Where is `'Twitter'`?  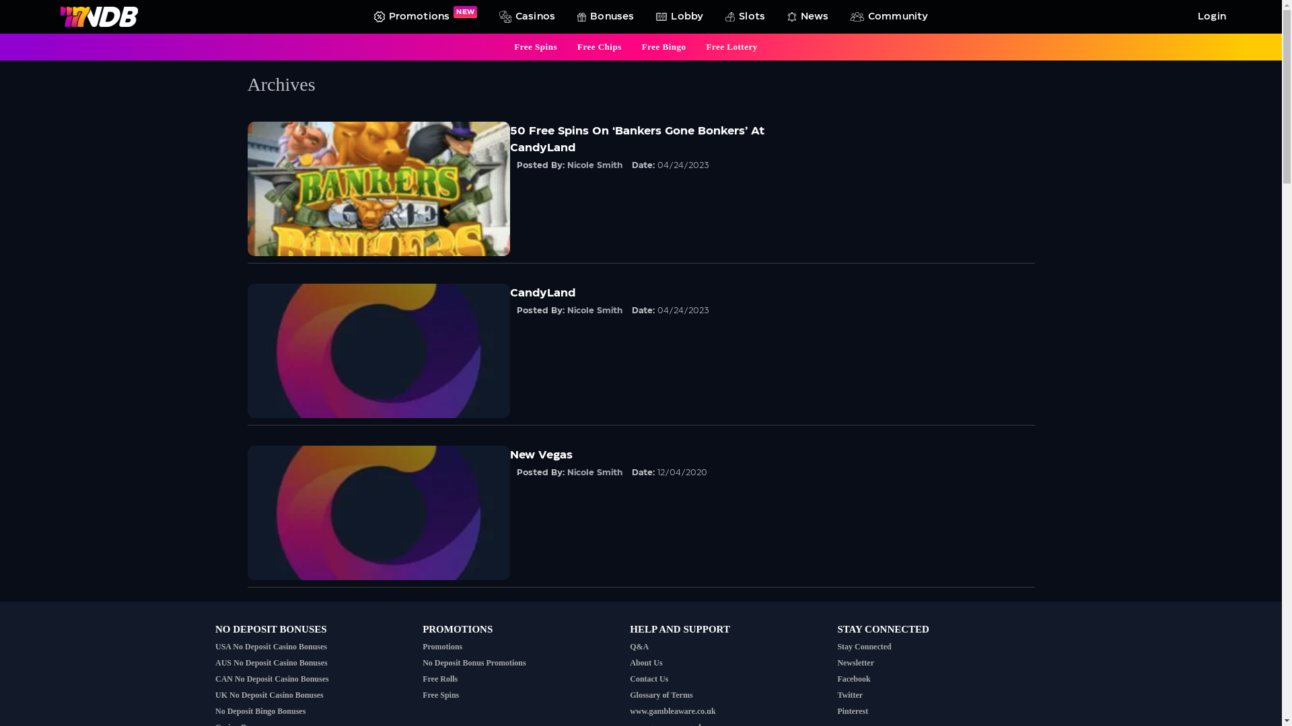
'Twitter' is located at coordinates (849, 694).